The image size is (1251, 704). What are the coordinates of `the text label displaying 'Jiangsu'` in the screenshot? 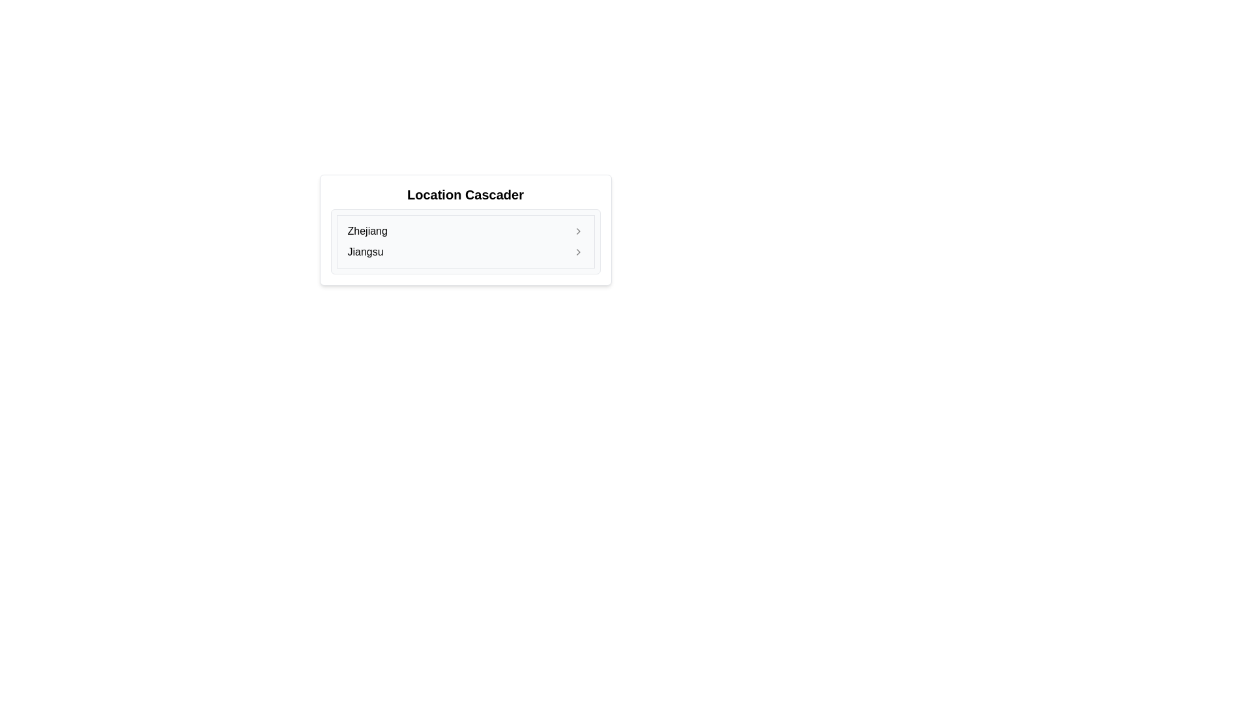 It's located at (365, 252).